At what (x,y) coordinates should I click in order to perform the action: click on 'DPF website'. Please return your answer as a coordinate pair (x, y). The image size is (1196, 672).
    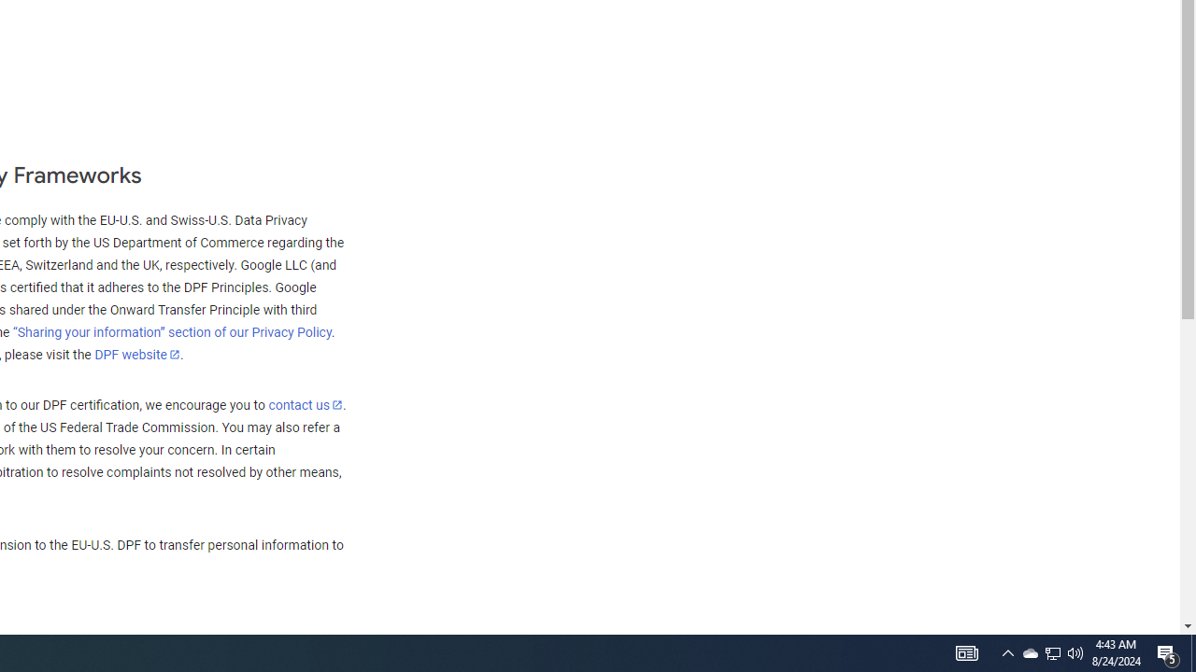
    Looking at the image, I should click on (136, 354).